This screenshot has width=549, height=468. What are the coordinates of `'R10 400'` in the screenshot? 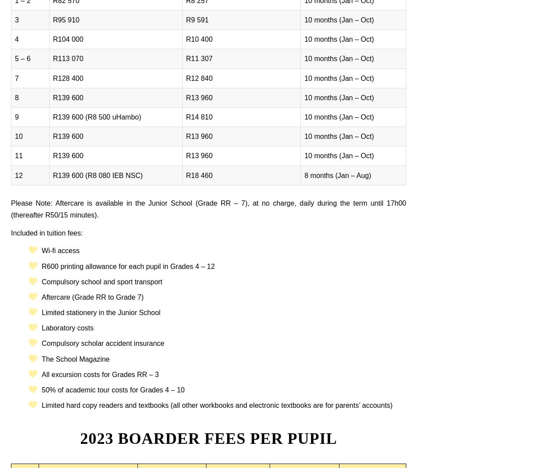 It's located at (199, 39).